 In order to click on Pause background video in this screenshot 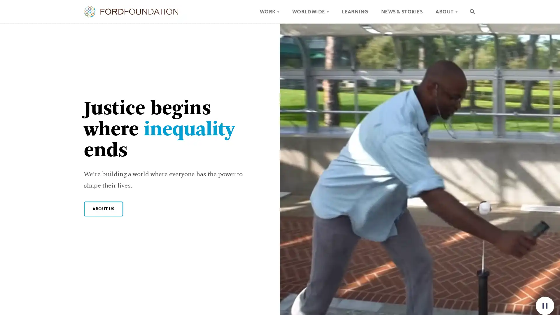, I will do `click(547, 302)`.